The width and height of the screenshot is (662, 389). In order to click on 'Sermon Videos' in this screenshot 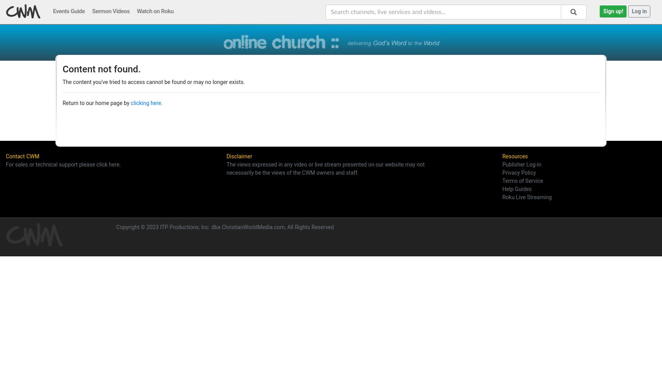, I will do `click(111, 11)`.